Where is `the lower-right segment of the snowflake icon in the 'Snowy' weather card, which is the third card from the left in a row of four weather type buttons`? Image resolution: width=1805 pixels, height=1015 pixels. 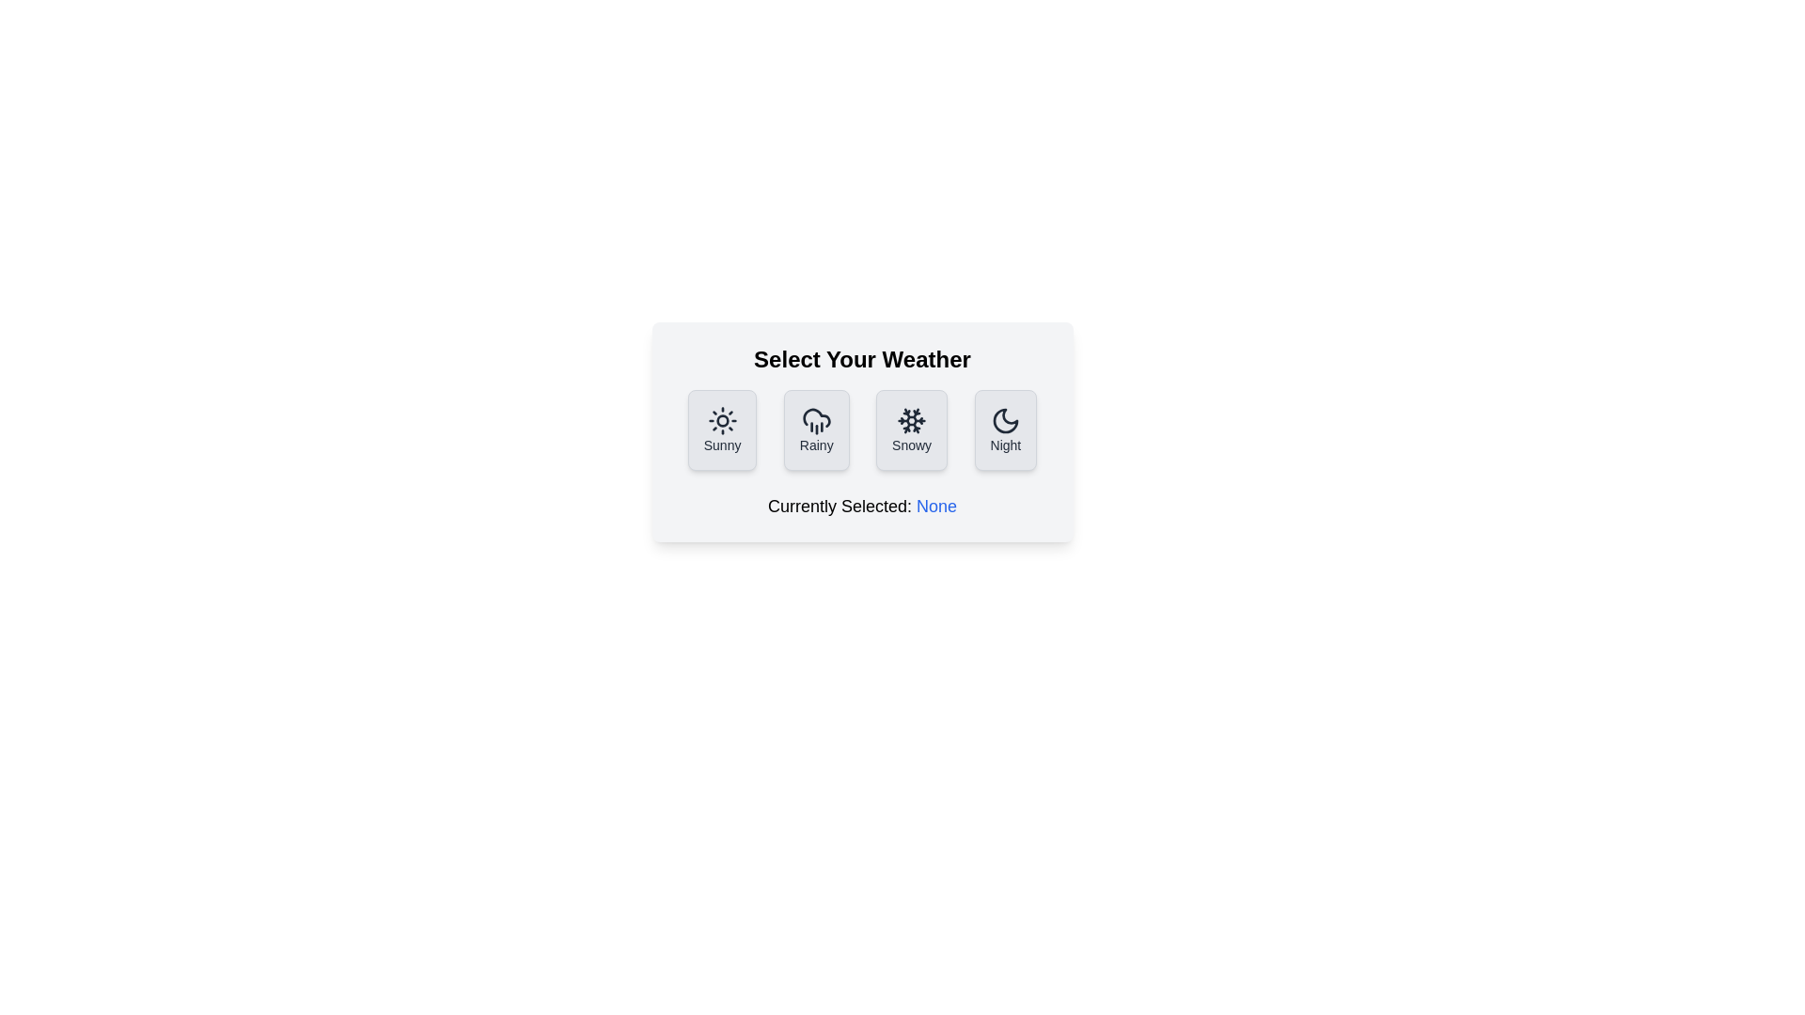 the lower-right segment of the snowflake icon in the 'Snowy' weather card, which is the third card from the left in a row of four weather type buttons is located at coordinates (916, 414).